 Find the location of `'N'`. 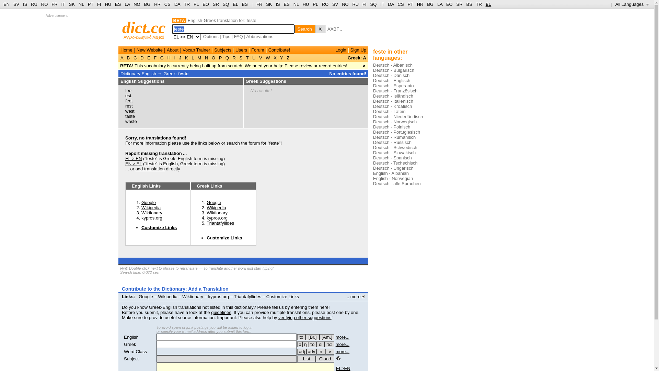

'N' is located at coordinates (206, 57).